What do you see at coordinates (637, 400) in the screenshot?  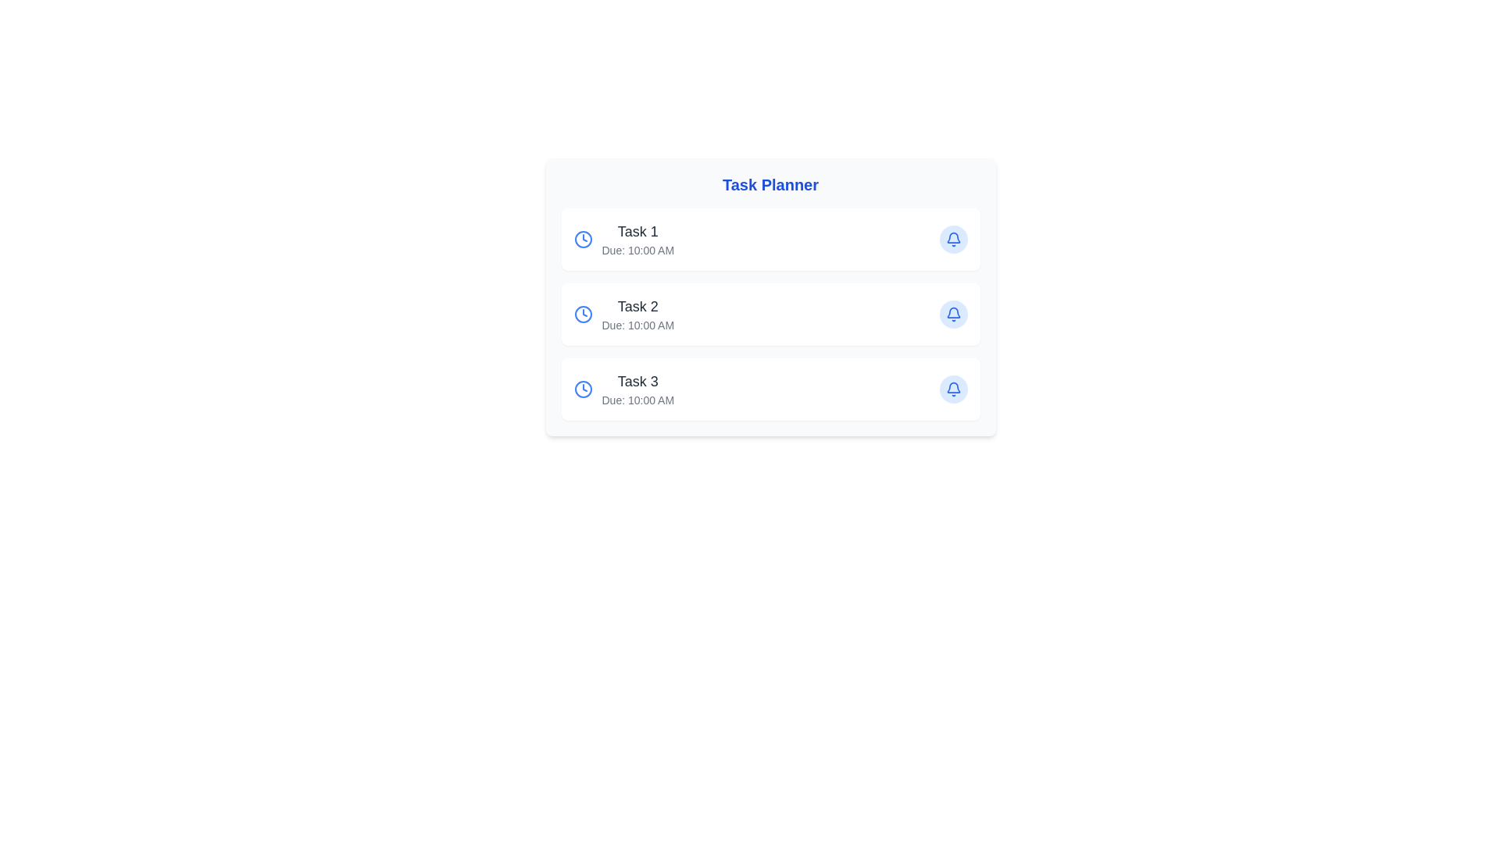 I see `the text label displaying 'Due: 10:00 AM' that is styled in small, gray font and positioned directly below the 'Task 3' heading` at bounding box center [637, 400].